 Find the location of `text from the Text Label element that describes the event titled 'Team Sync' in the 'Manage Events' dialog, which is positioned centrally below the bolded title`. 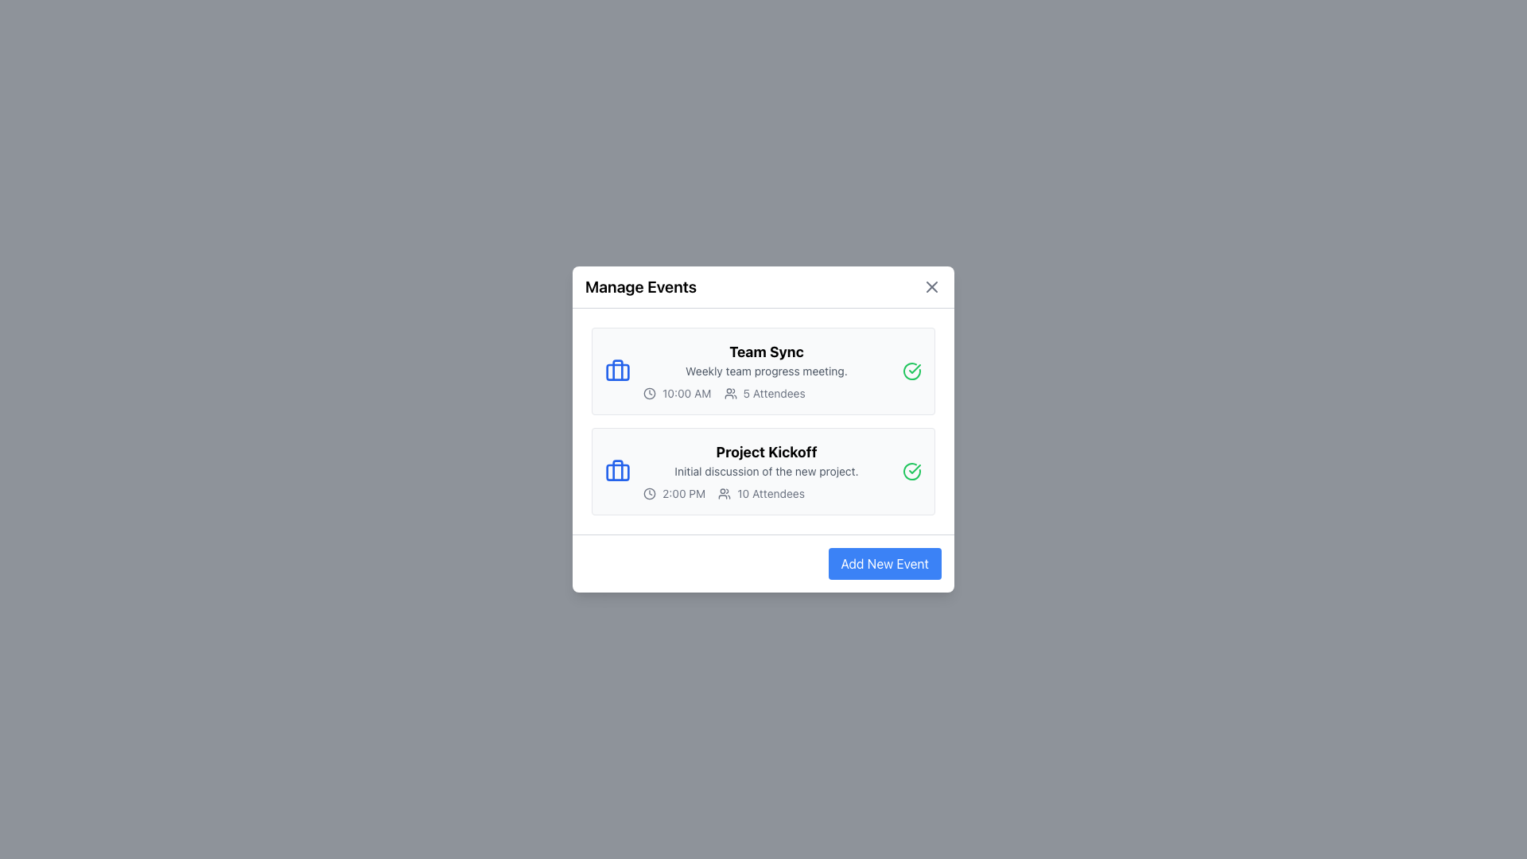

text from the Text Label element that describes the event titled 'Team Sync' in the 'Manage Events' dialog, which is positioned centrally below the bolded title is located at coordinates (767, 371).